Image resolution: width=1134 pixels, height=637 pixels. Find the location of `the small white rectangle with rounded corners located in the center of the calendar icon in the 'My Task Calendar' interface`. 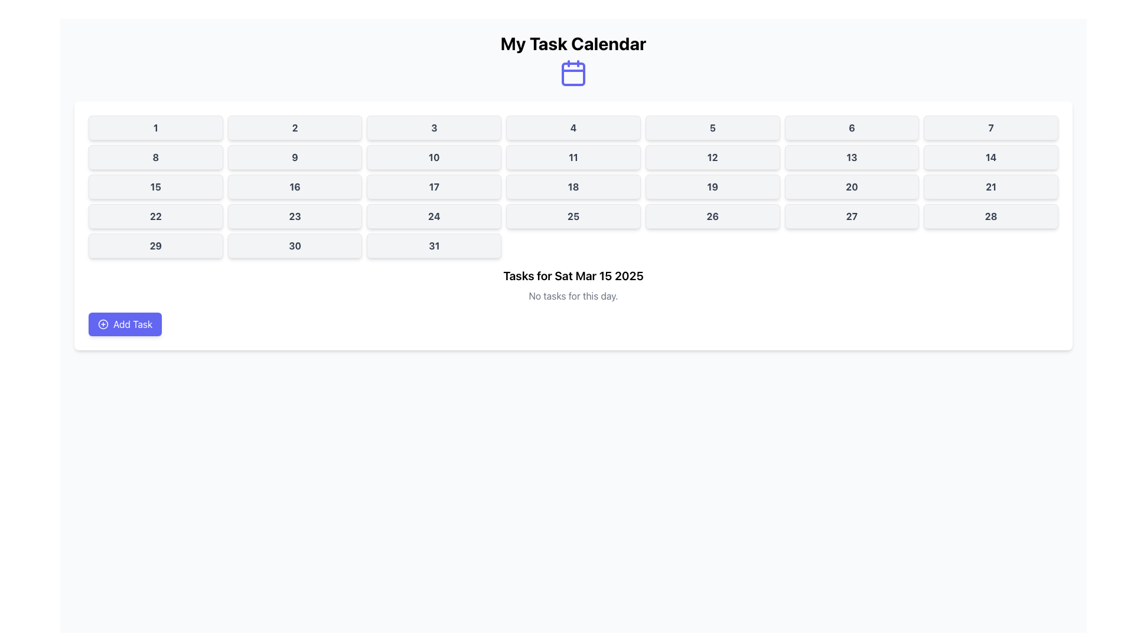

the small white rectangle with rounded corners located in the center of the calendar icon in the 'My Task Calendar' interface is located at coordinates (573, 74).